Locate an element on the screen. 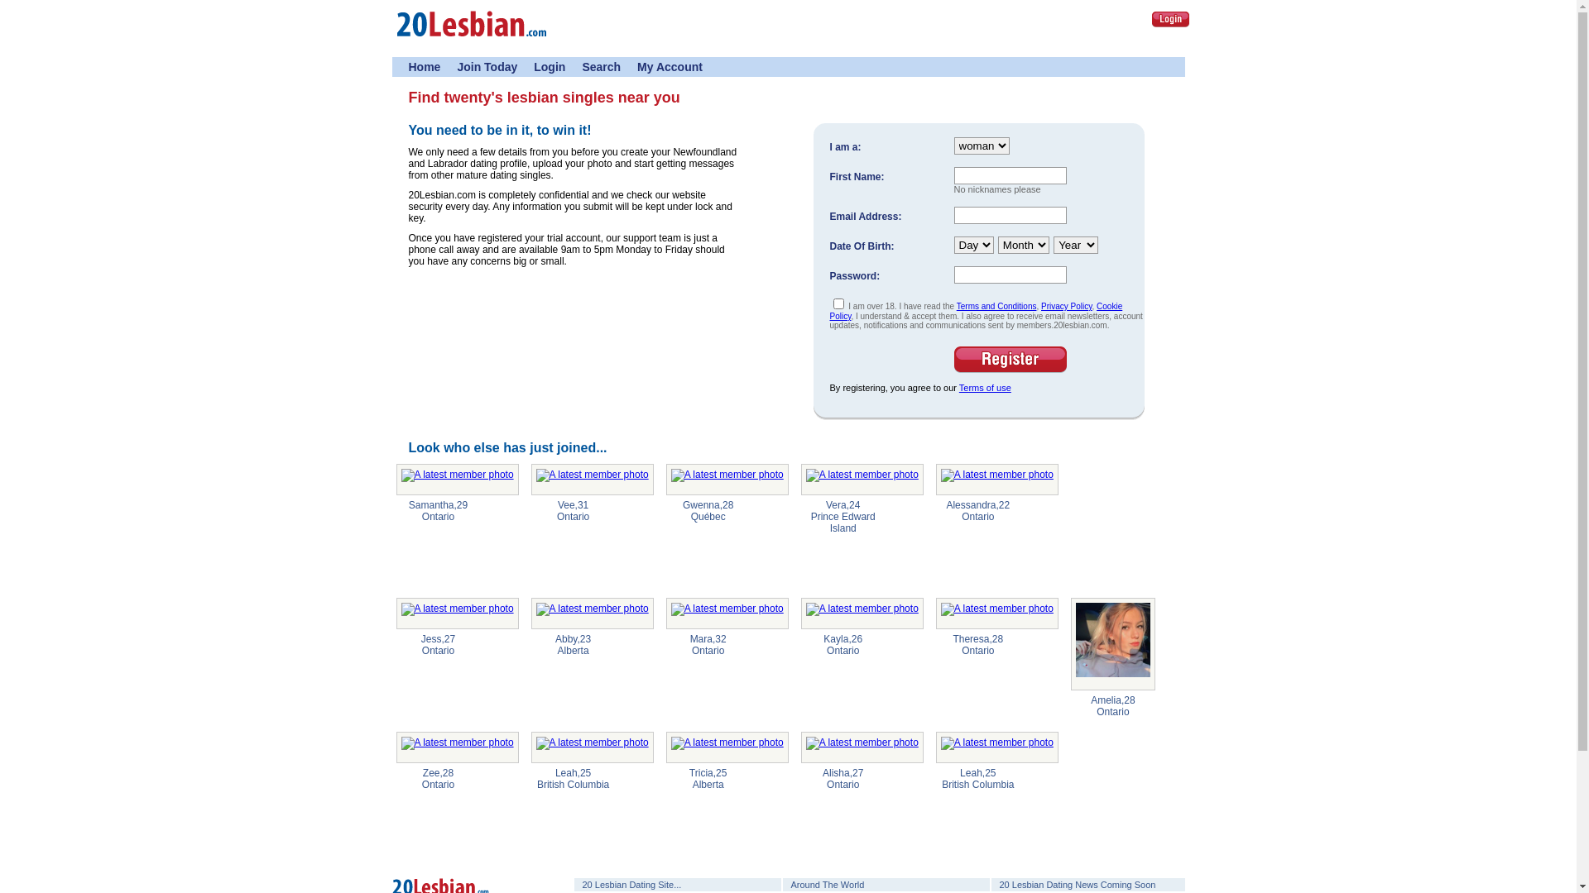 This screenshot has width=1589, height=893. 'Join Today' is located at coordinates (486, 66).